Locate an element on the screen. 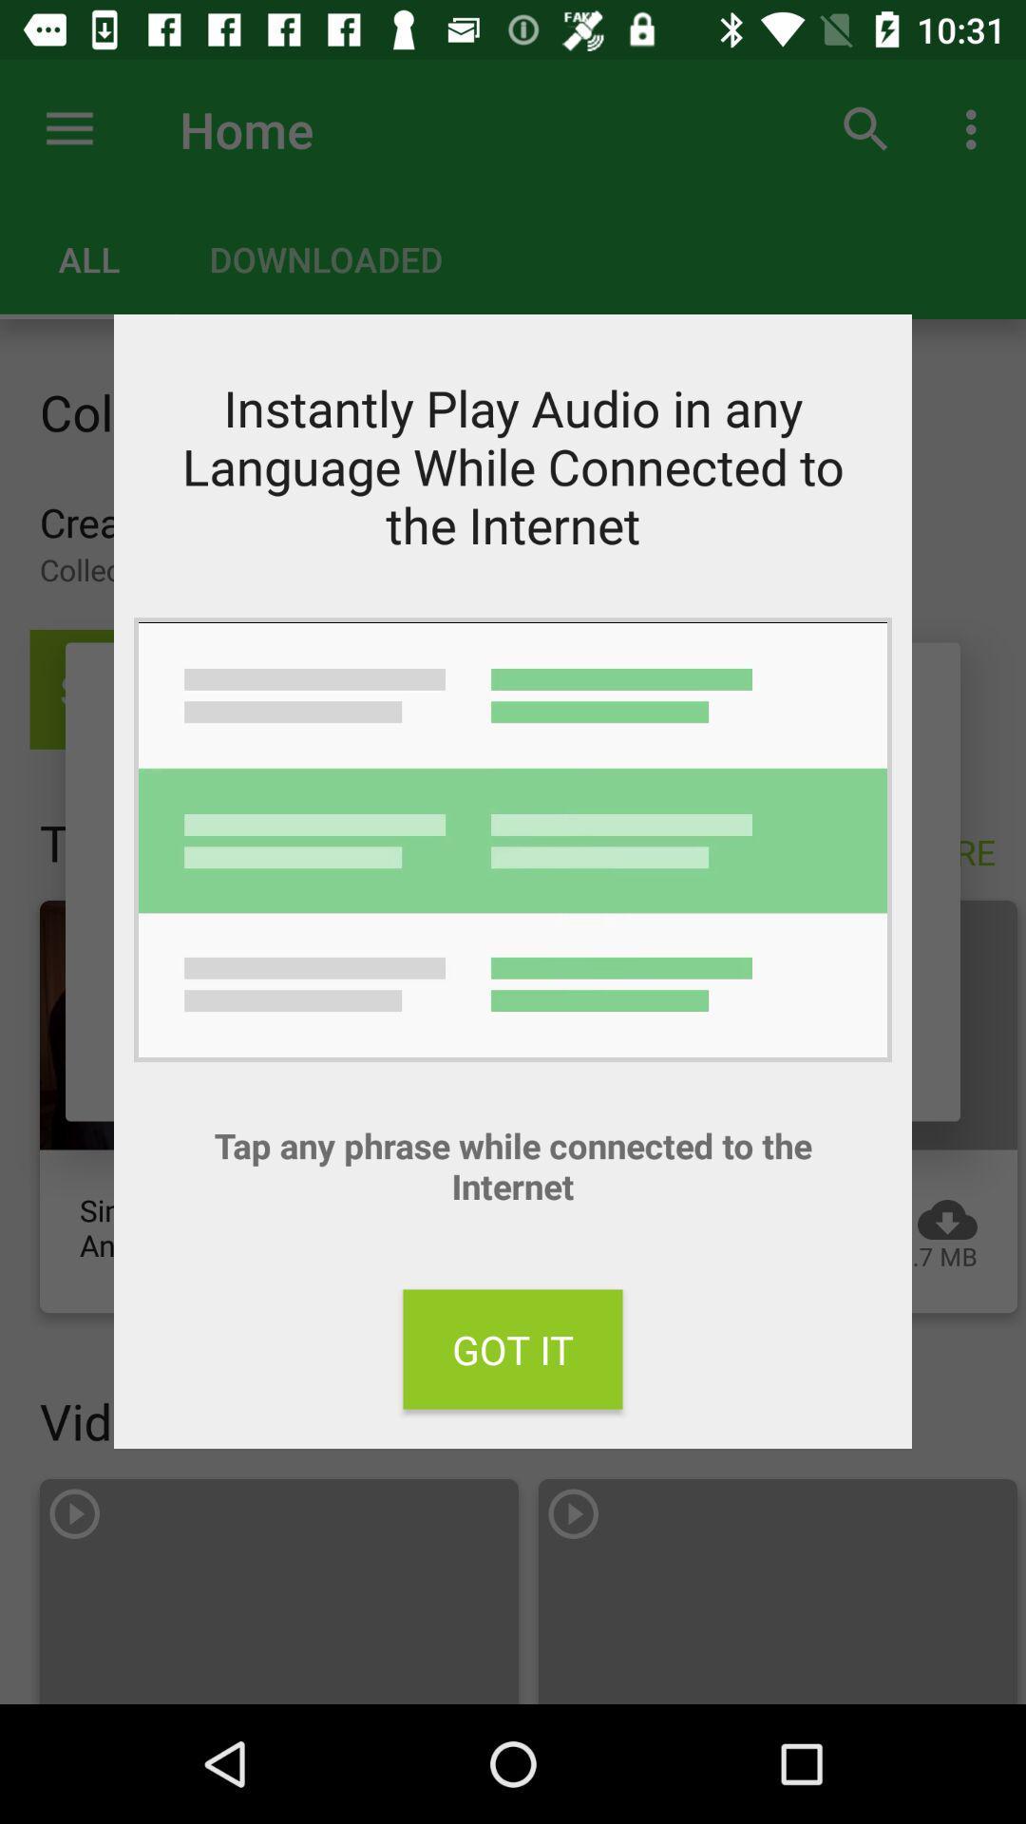  the item at the bottom is located at coordinates (513, 1348).